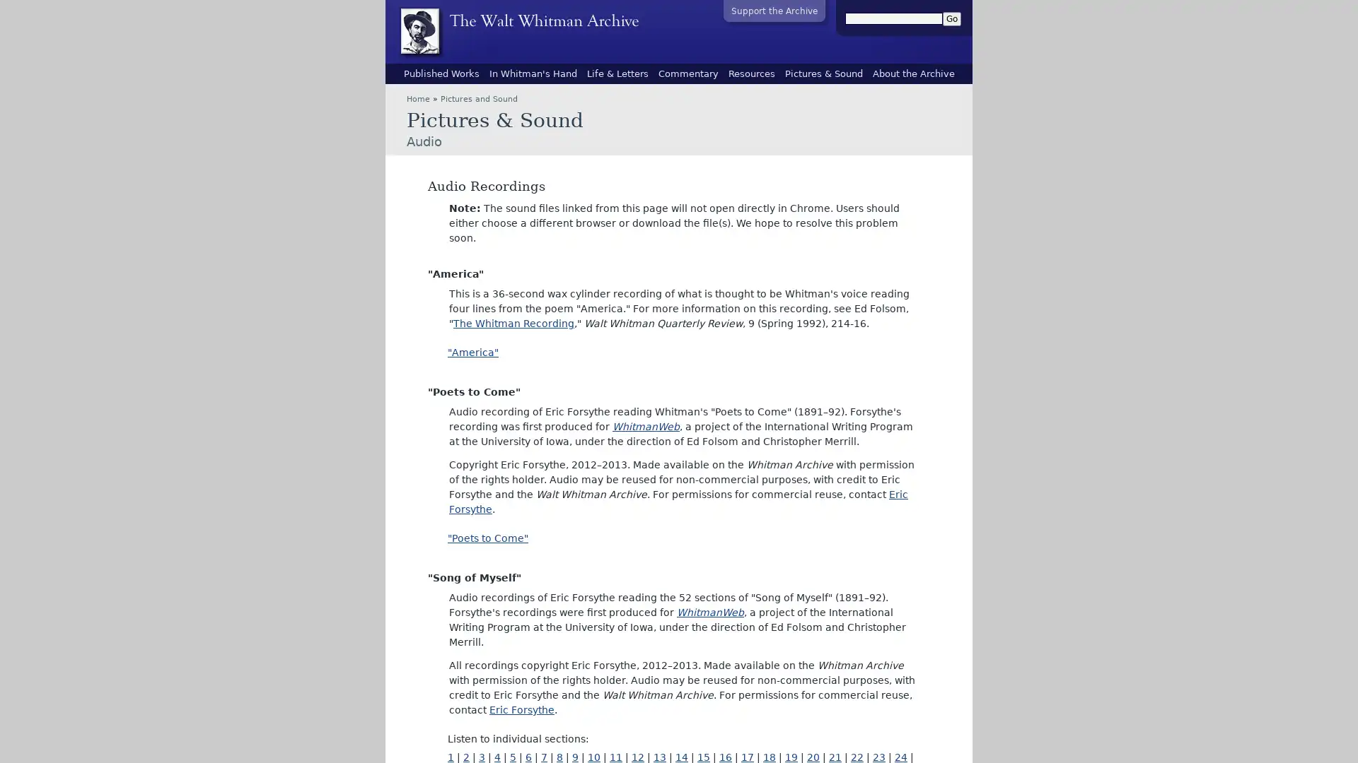 The width and height of the screenshot is (1358, 763). What do you see at coordinates (951, 19) in the screenshot?
I see `Go` at bounding box center [951, 19].